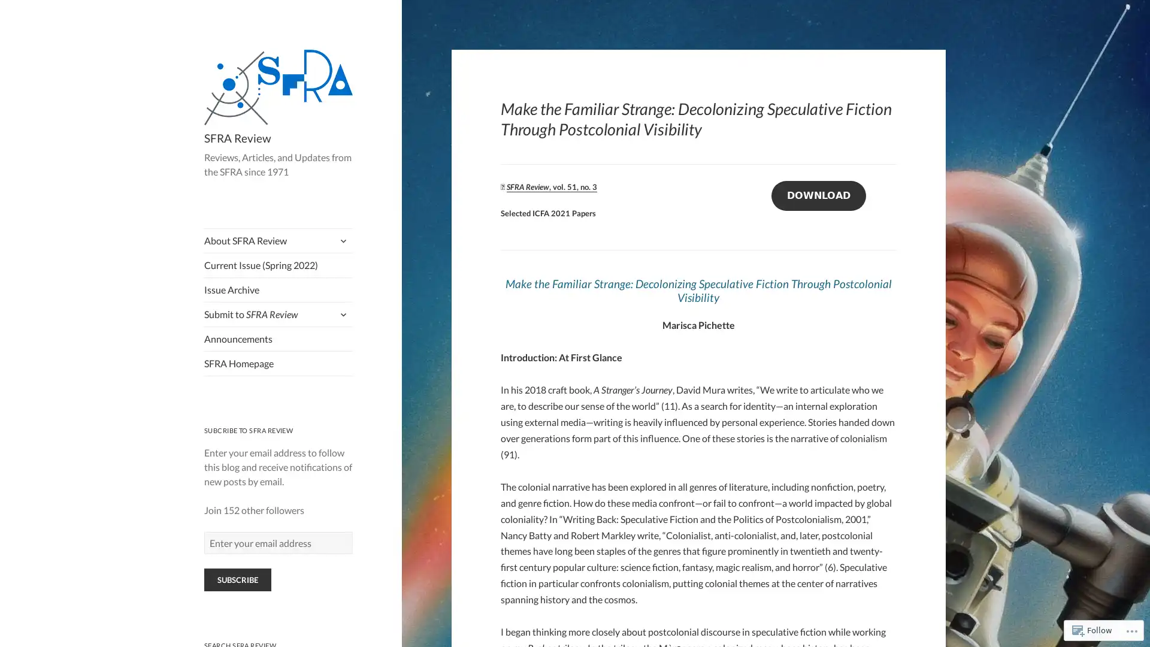  I want to click on expand child menu, so click(341, 313).